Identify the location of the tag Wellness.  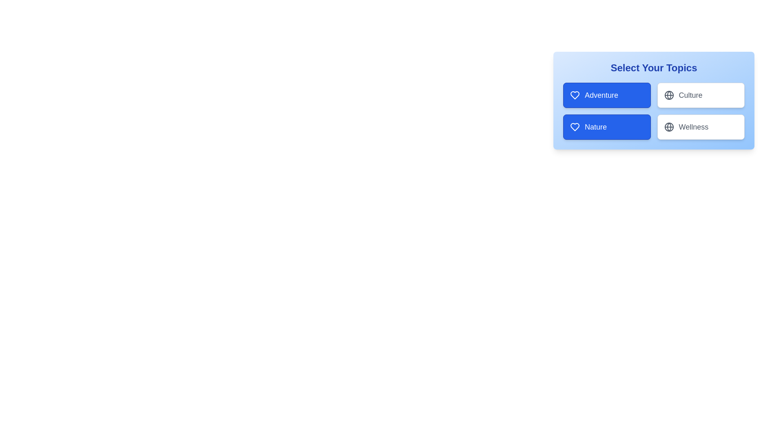
(700, 127).